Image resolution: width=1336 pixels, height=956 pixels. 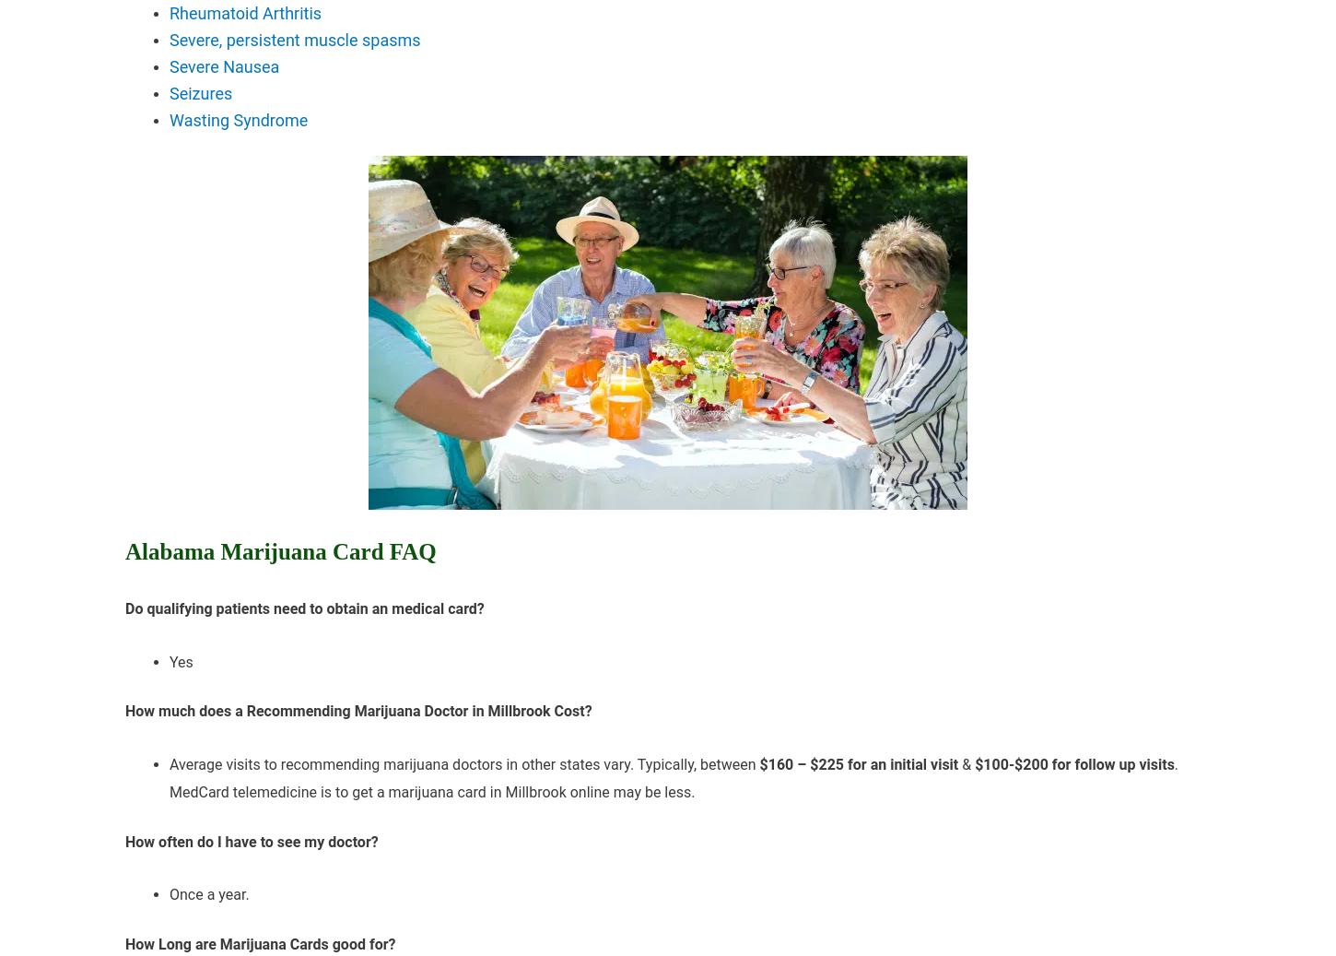 I want to click on 'Average visits to recommending marijuana doctors in other states vary. Typically, between', so click(x=464, y=764).